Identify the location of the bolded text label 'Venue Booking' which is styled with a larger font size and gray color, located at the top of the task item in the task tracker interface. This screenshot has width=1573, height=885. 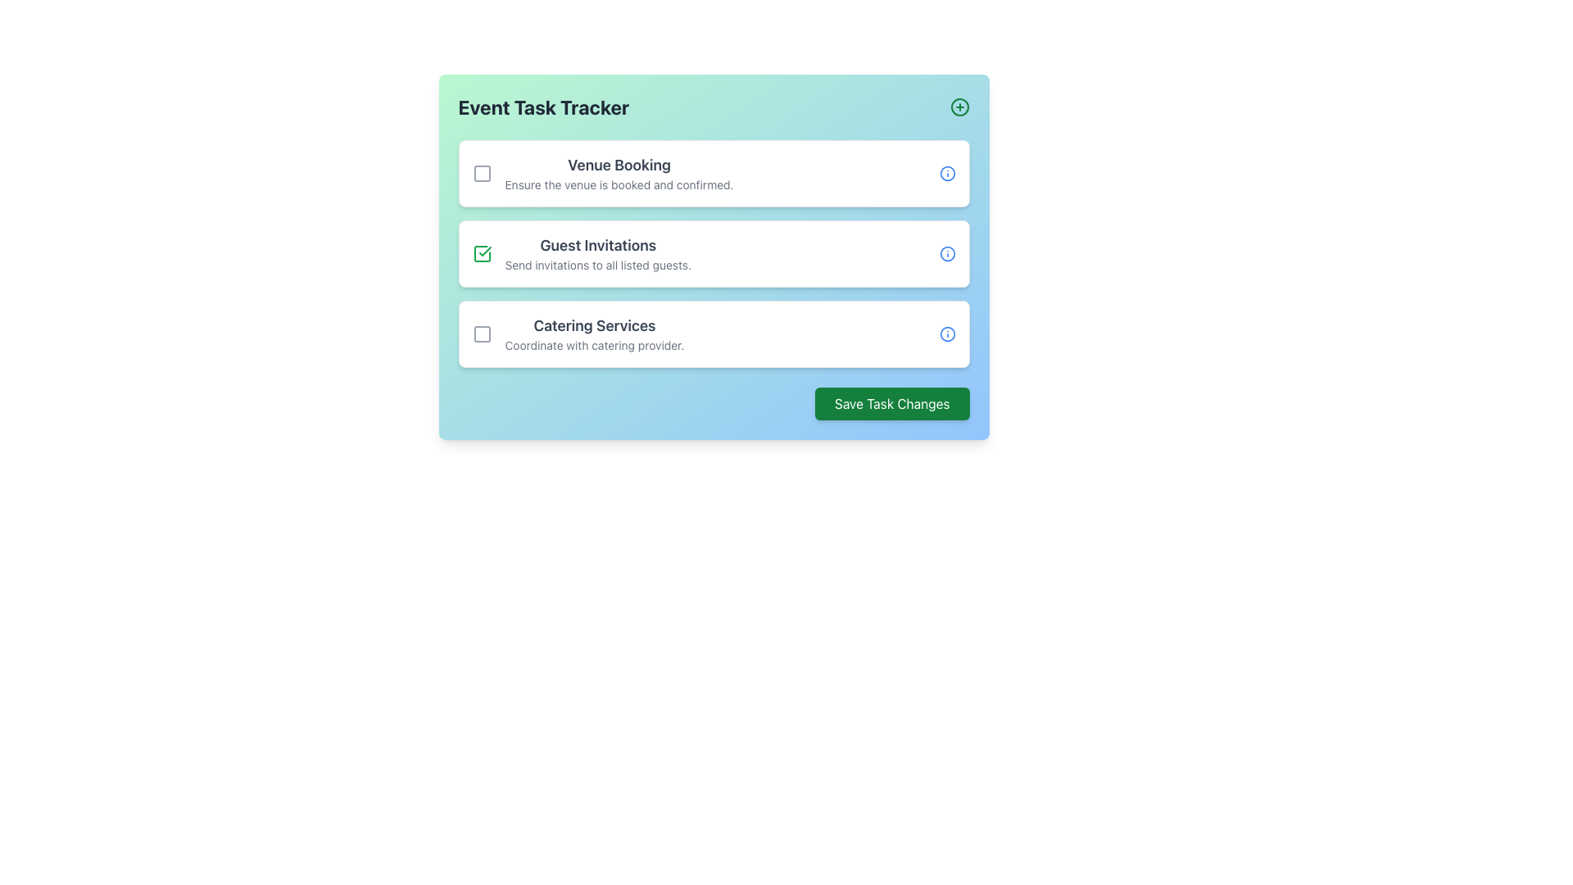
(619, 165).